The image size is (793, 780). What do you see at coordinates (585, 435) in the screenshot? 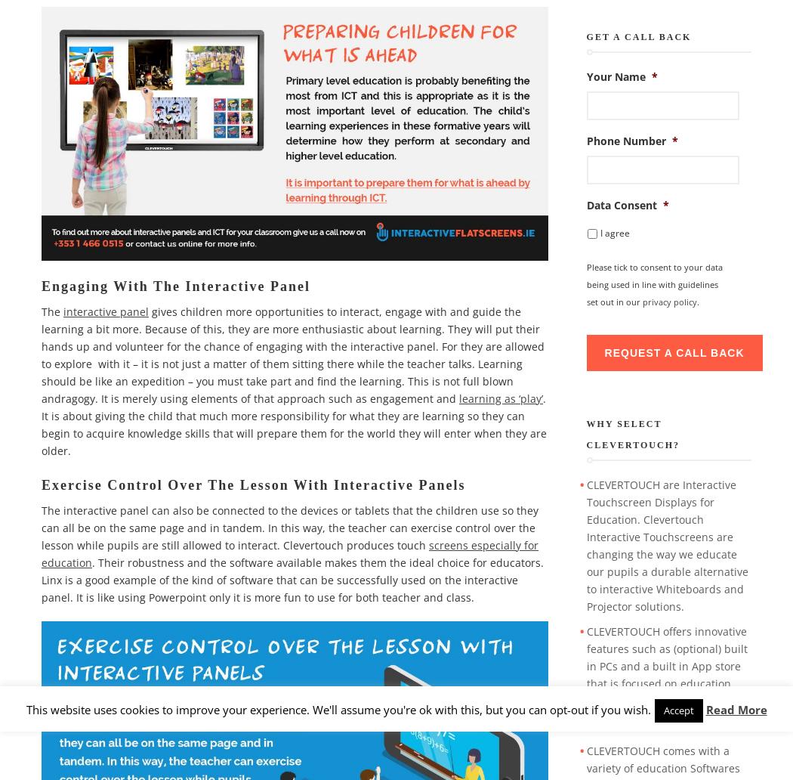
I see `'Why Select Clevertouch?'` at bounding box center [585, 435].